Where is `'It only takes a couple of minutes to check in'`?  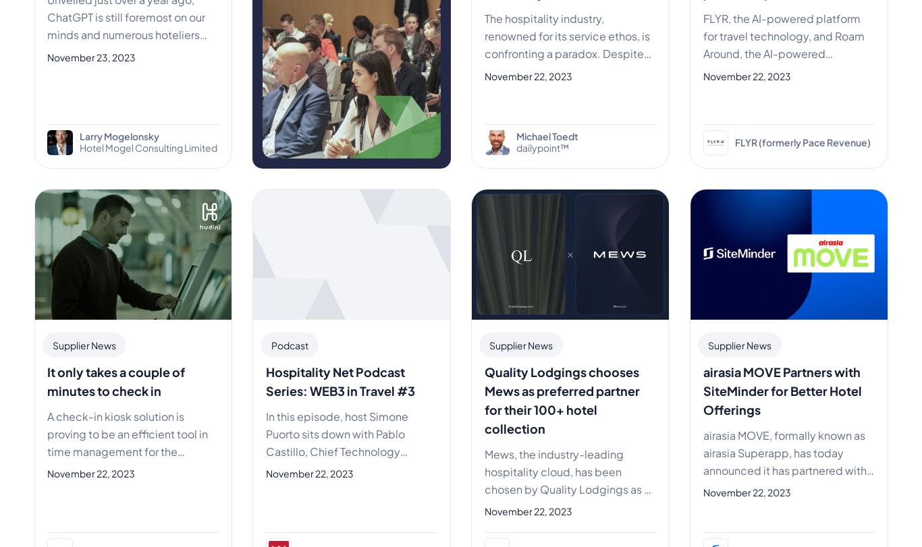 'It only takes a couple of minutes to check in' is located at coordinates (115, 380).